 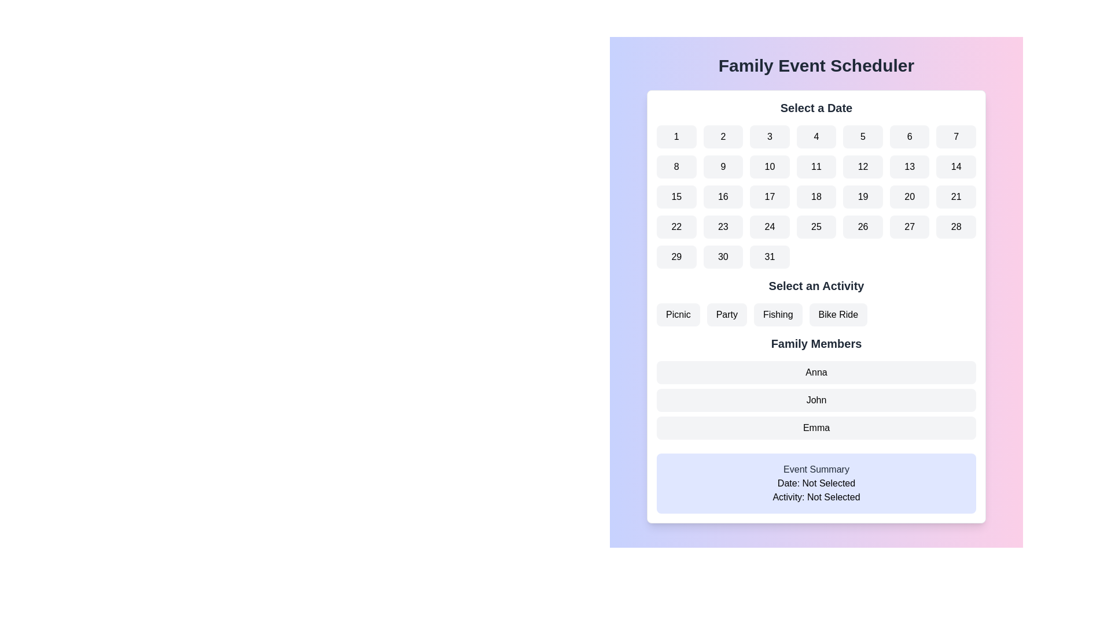 I want to click on the rounded rectangular button with a light gray background containing the number '6', so click(x=909, y=136).